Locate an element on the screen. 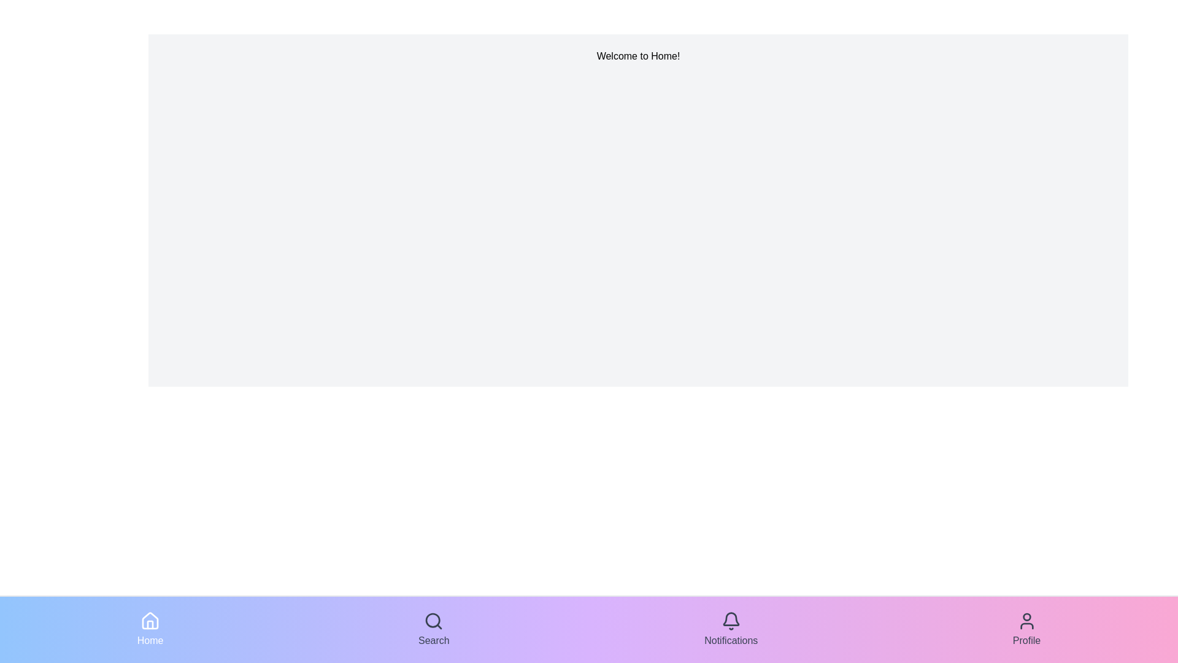  the user profile icon, which is a head and shoulders silhouette located in the bottom-right corner of the navigation bar with a gradient background is located at coordinates (1026, 621).